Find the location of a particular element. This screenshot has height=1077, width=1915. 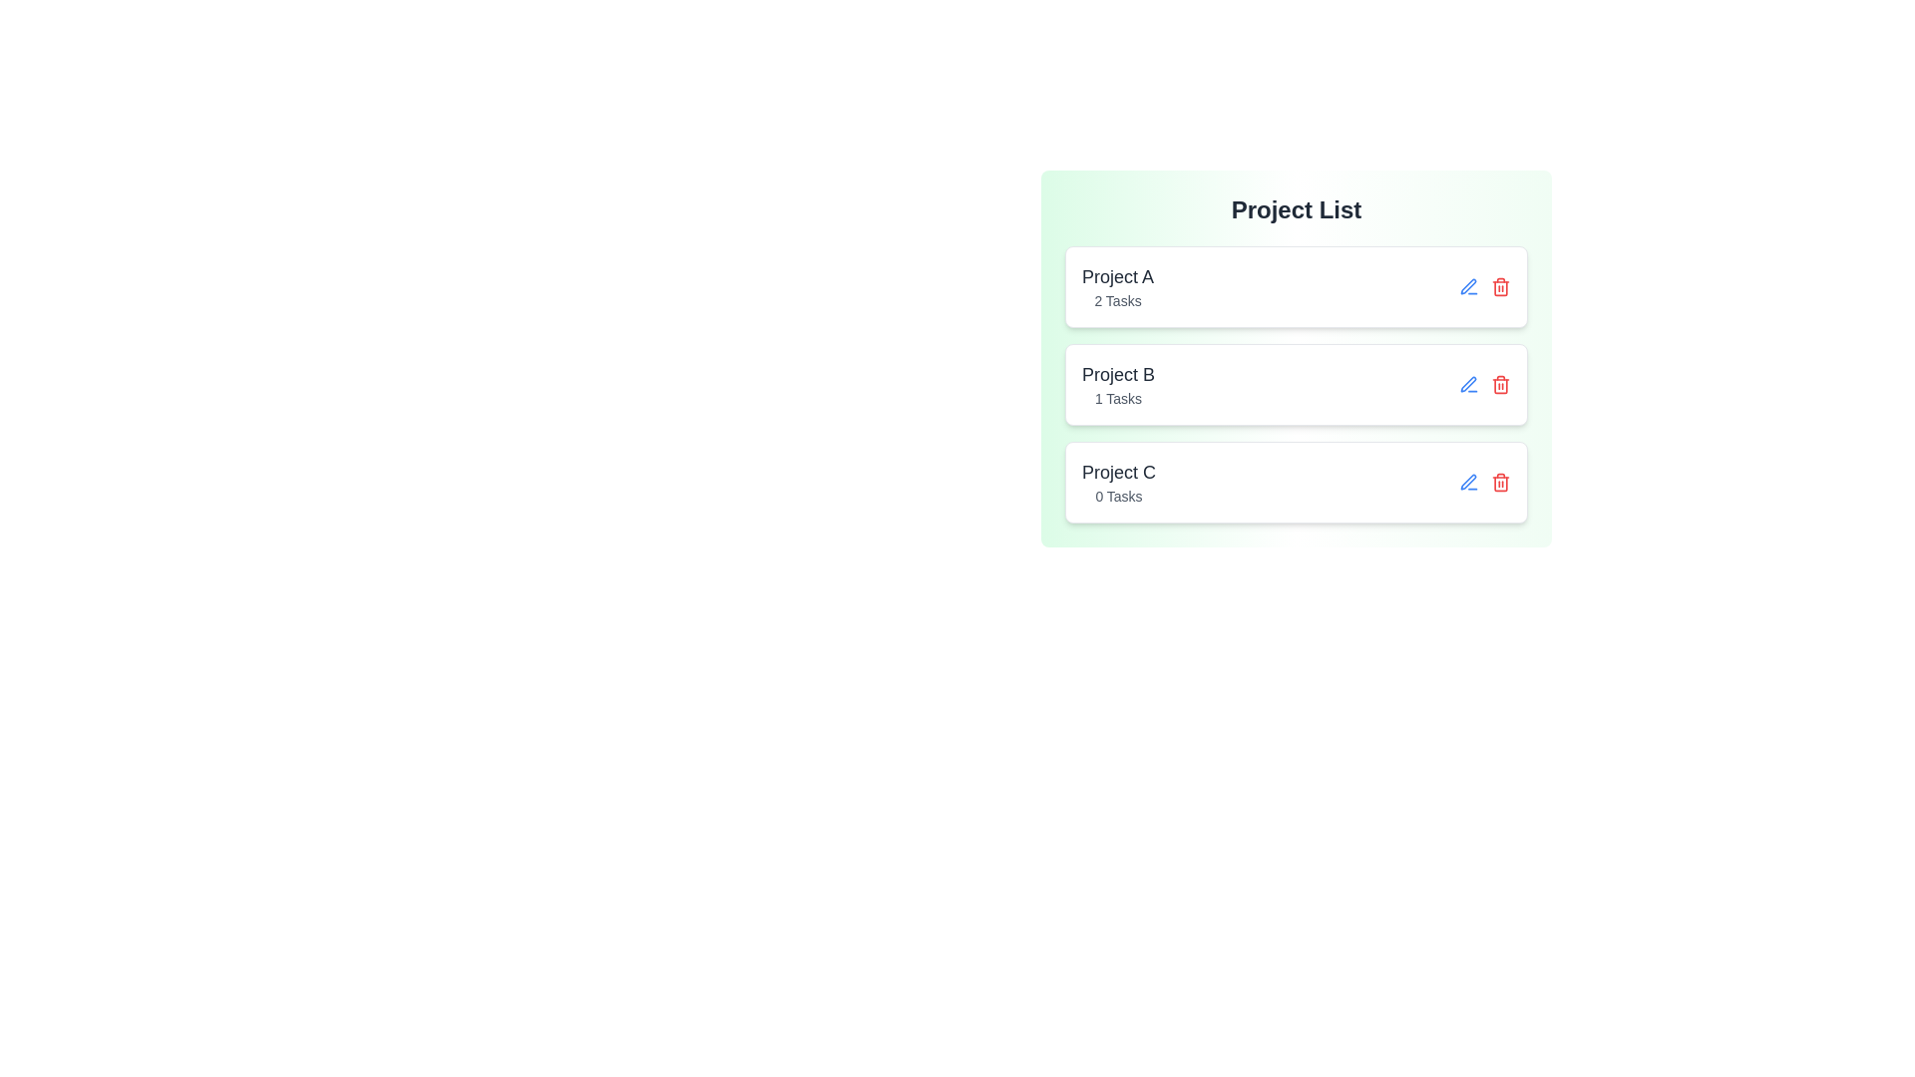

the edit icon for project Project C is located at coordinates (1469, 482).